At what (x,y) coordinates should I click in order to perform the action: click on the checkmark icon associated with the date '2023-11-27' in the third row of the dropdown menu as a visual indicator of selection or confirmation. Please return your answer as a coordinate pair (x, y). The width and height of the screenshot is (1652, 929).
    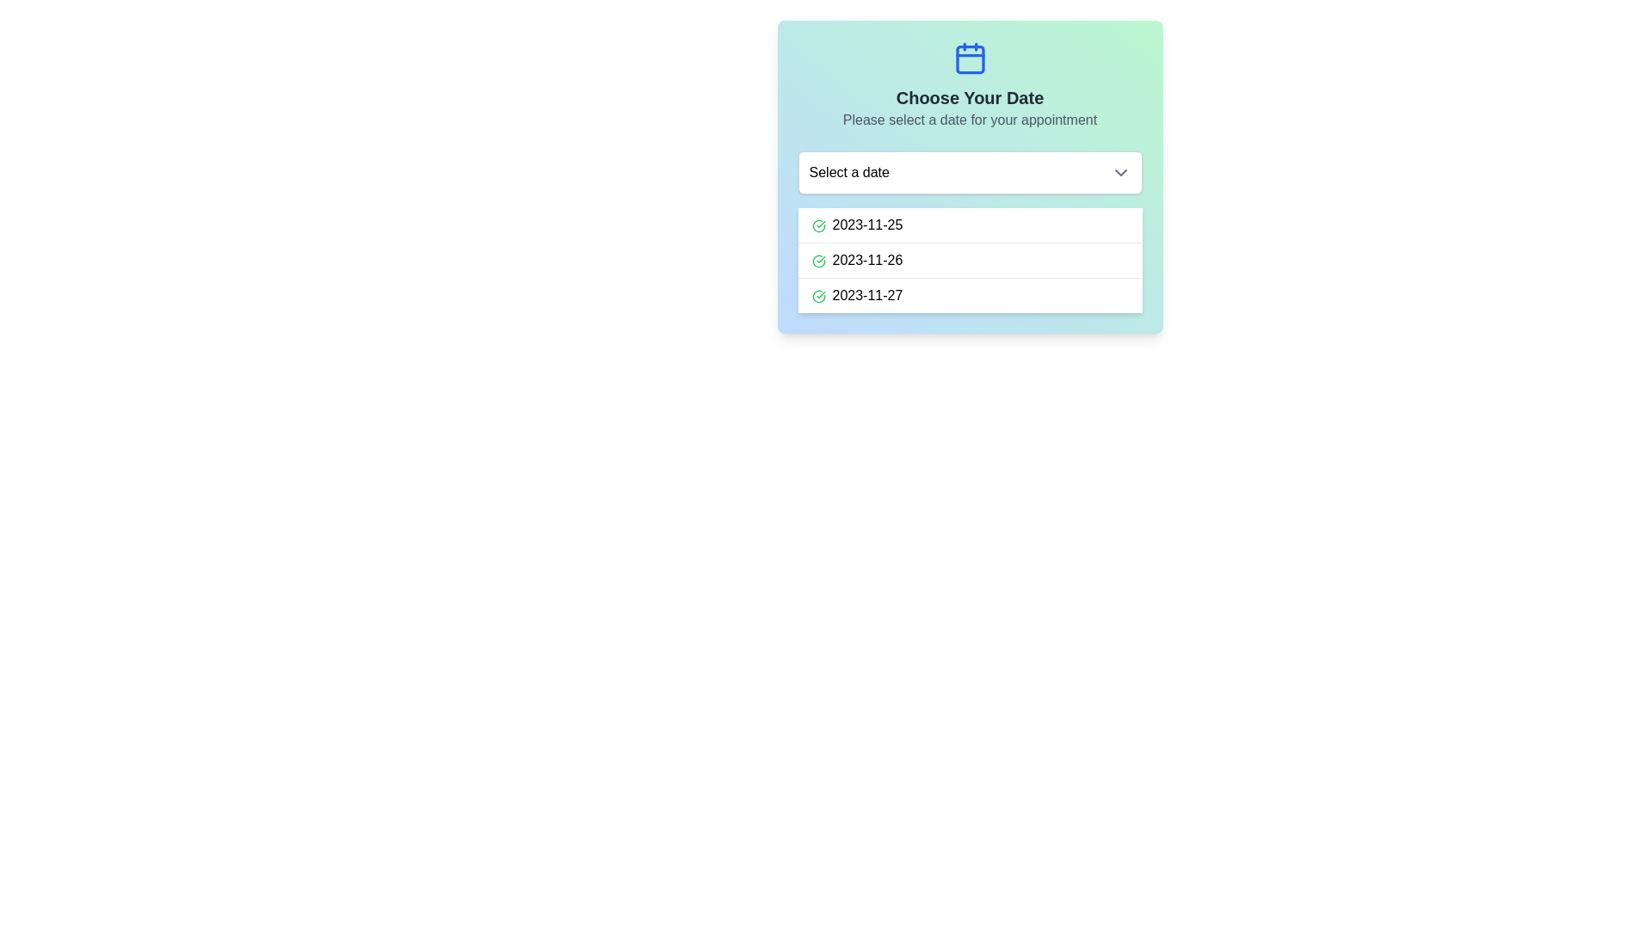
    Looking at the image, I should click on (817, 295).